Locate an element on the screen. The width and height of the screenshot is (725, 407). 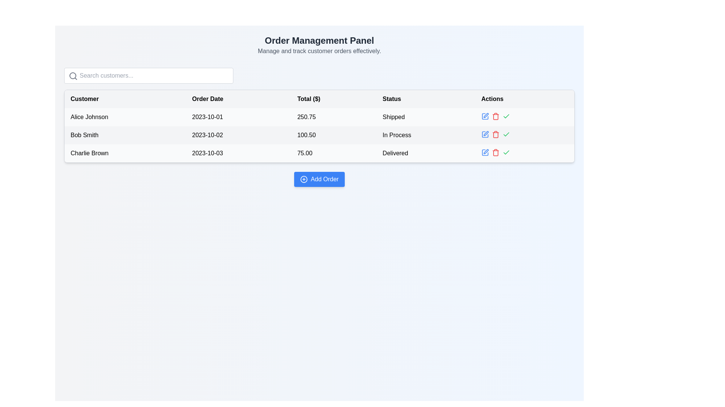
the pen icon button located in the 'Actions' column of the second row in the table is located at coordinates (486, 115).